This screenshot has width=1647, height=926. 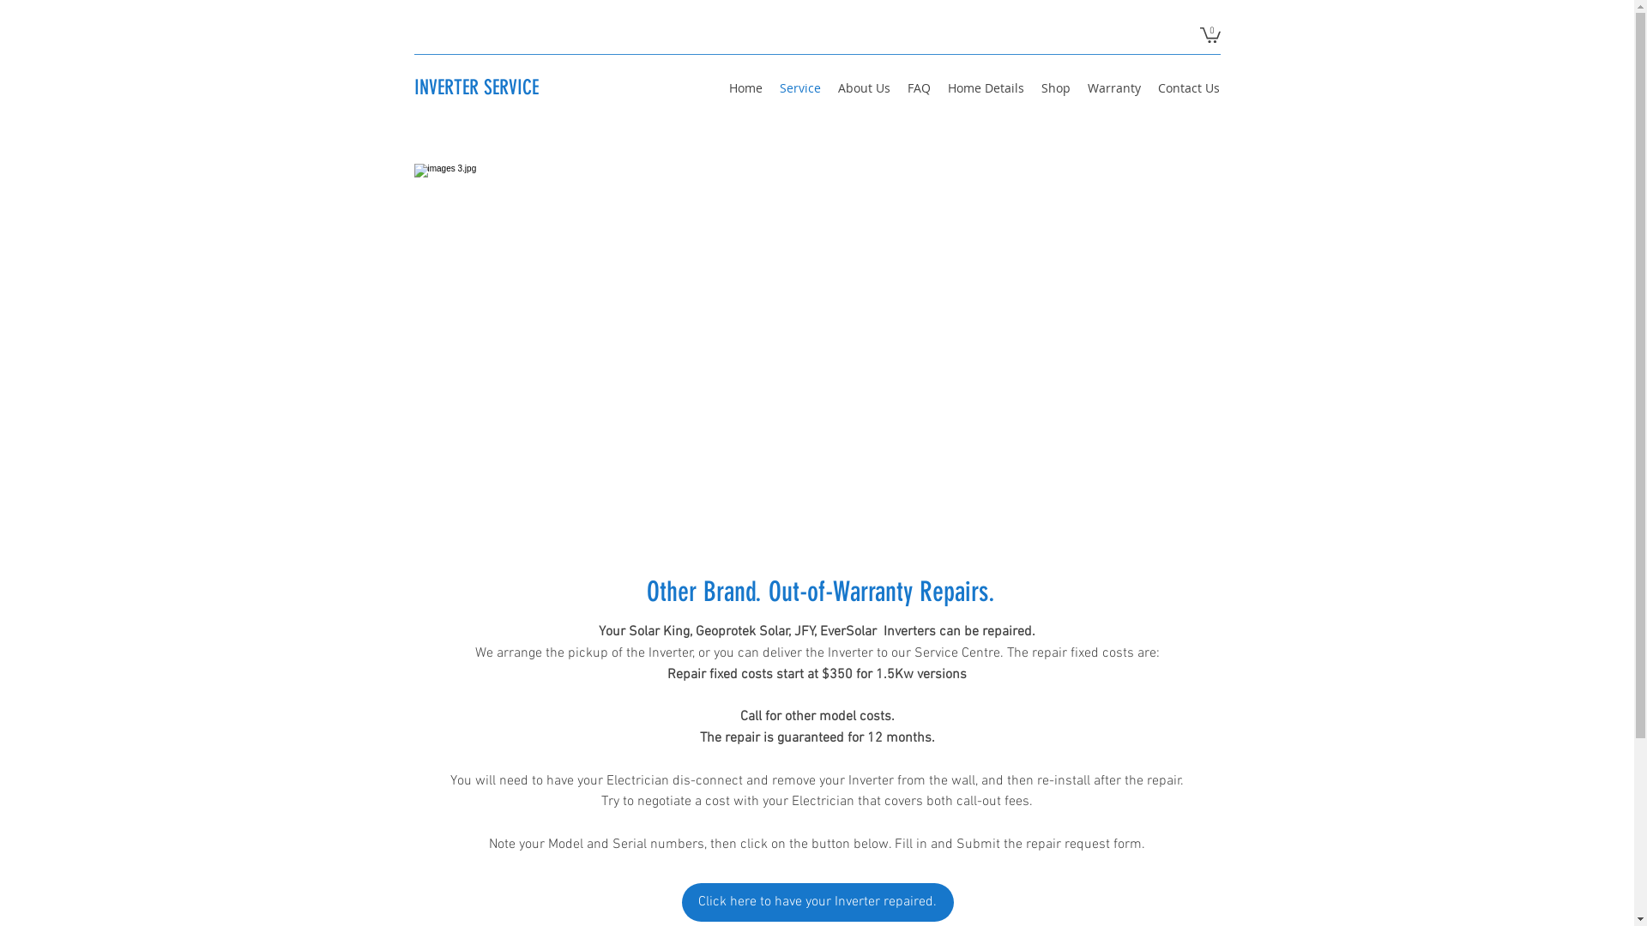 I want to click on 'Home Details', so click(x=985, y=88).